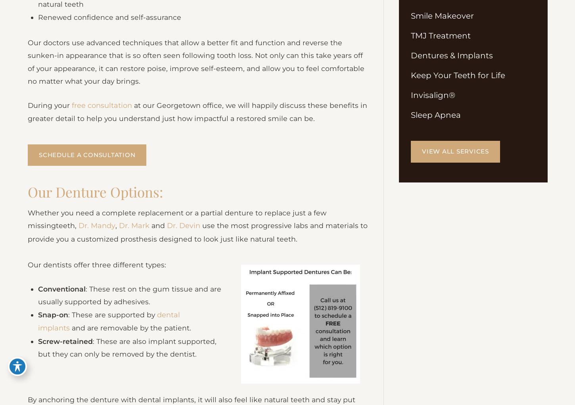  I want to click on 'Screw-retained', so click(66, 353).